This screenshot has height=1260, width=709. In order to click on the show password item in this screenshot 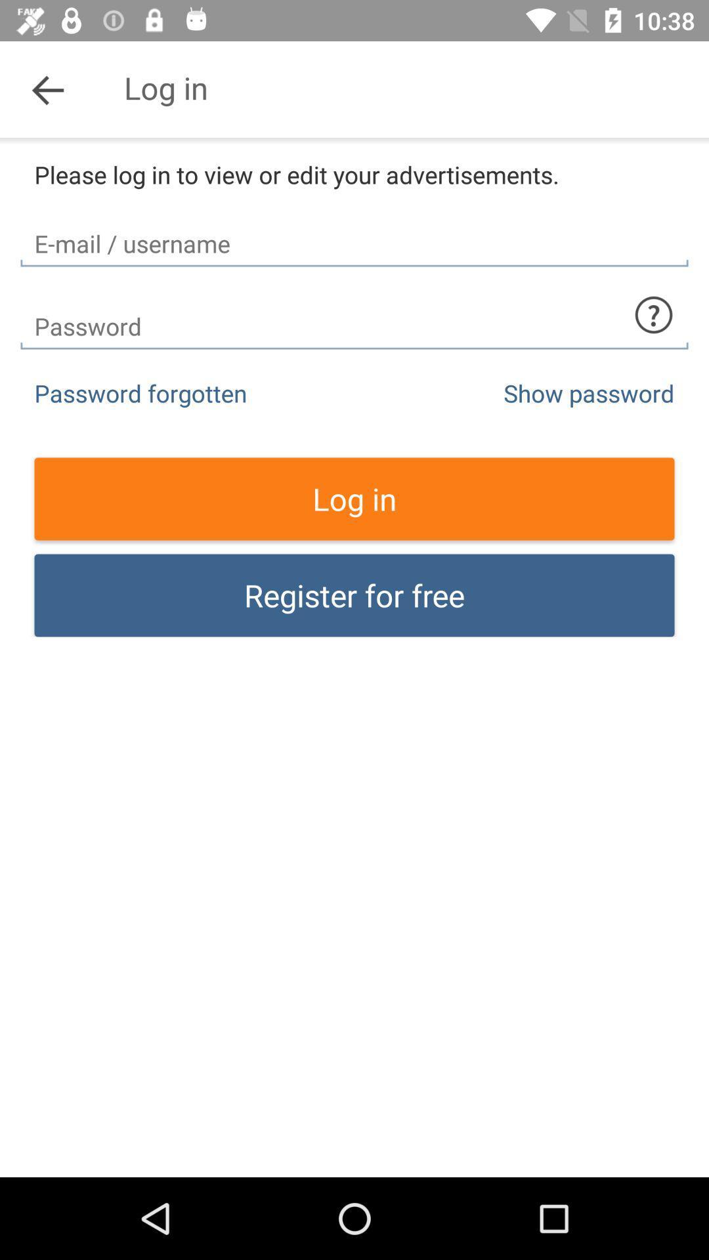, I will do `click(588, 392)`.